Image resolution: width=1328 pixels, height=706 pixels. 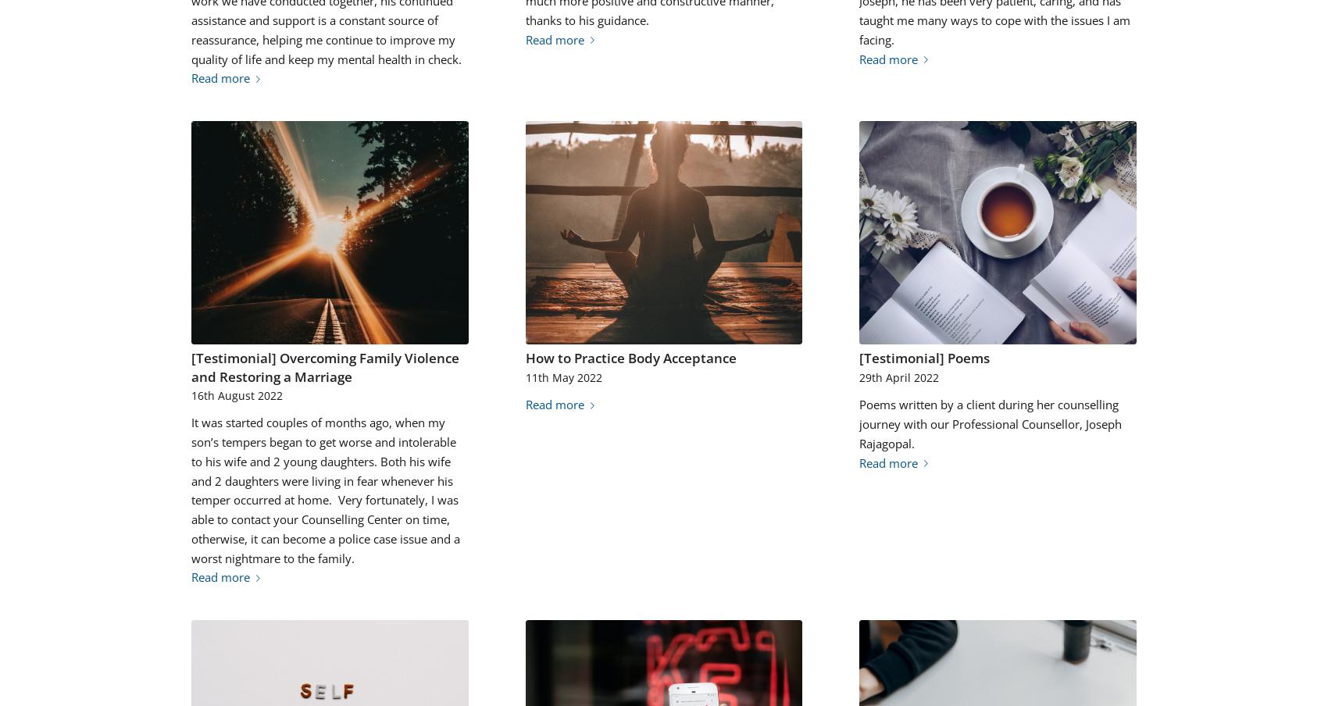 What do you see at coordinates (725, 668) in the screenshot?
I see `'1829'` at bounding box center [725, 668].